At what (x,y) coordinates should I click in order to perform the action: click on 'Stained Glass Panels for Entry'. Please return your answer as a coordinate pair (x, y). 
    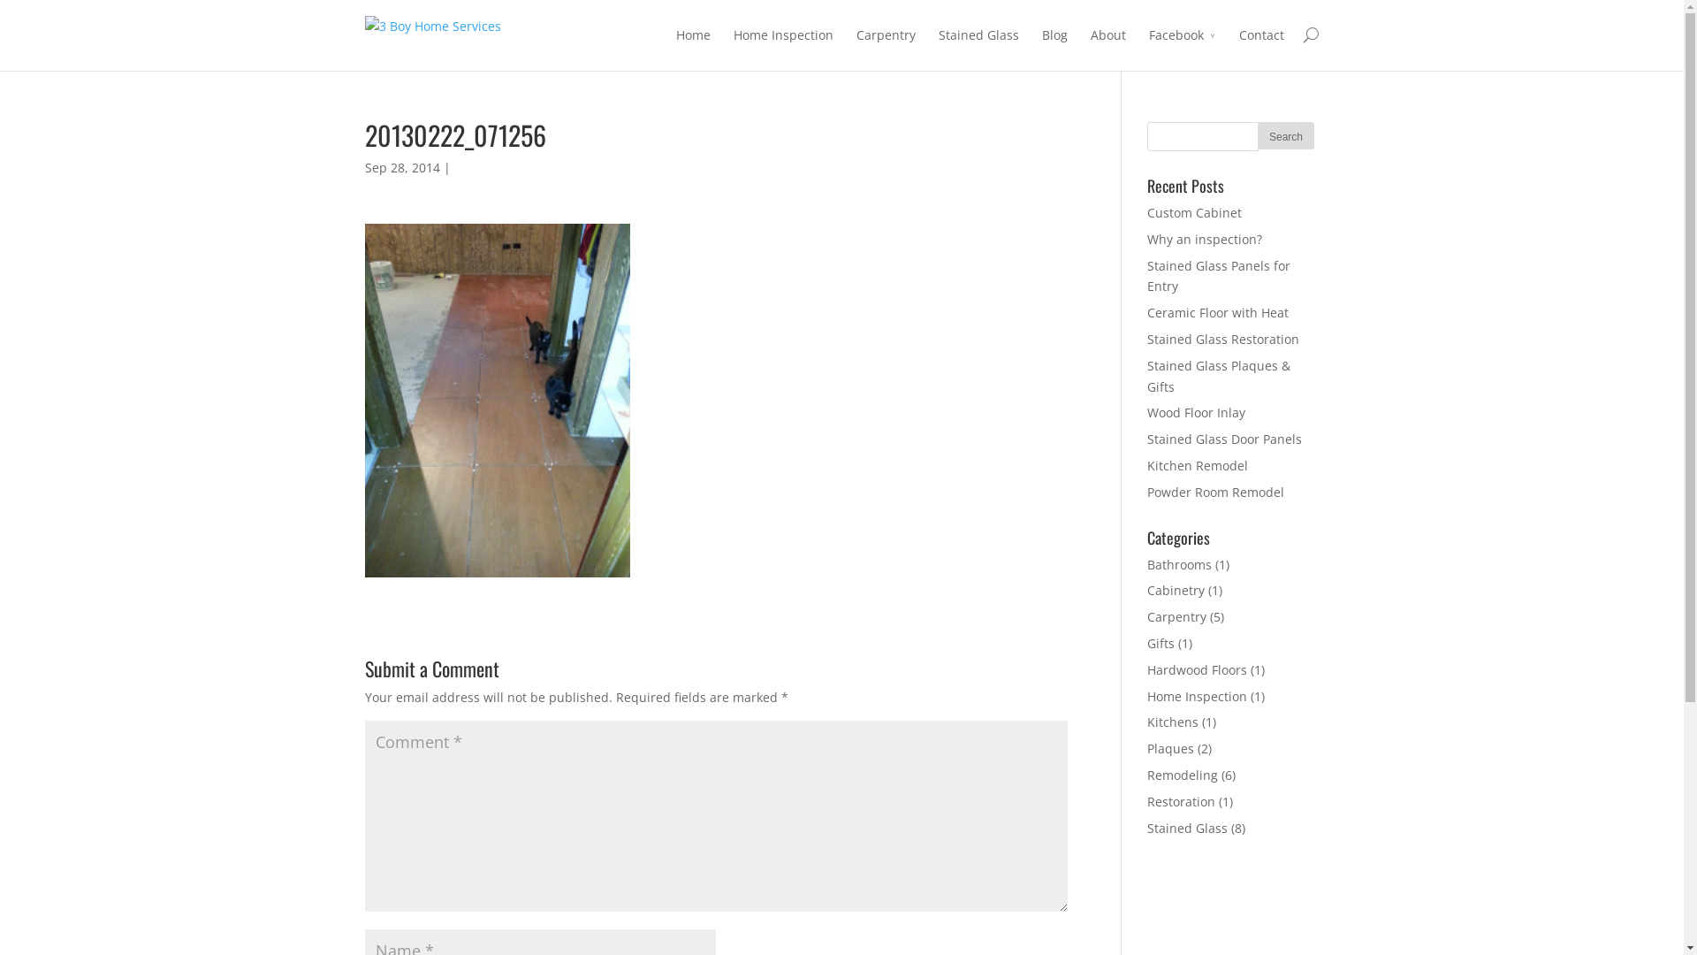
    Looking at the image, I should click on (1217, 276).